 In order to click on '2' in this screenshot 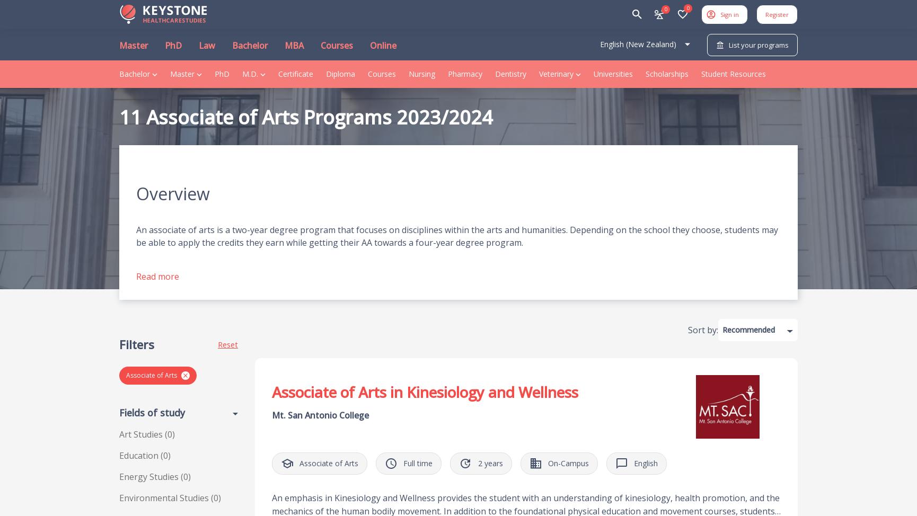, I will do `click(479, 462)`.